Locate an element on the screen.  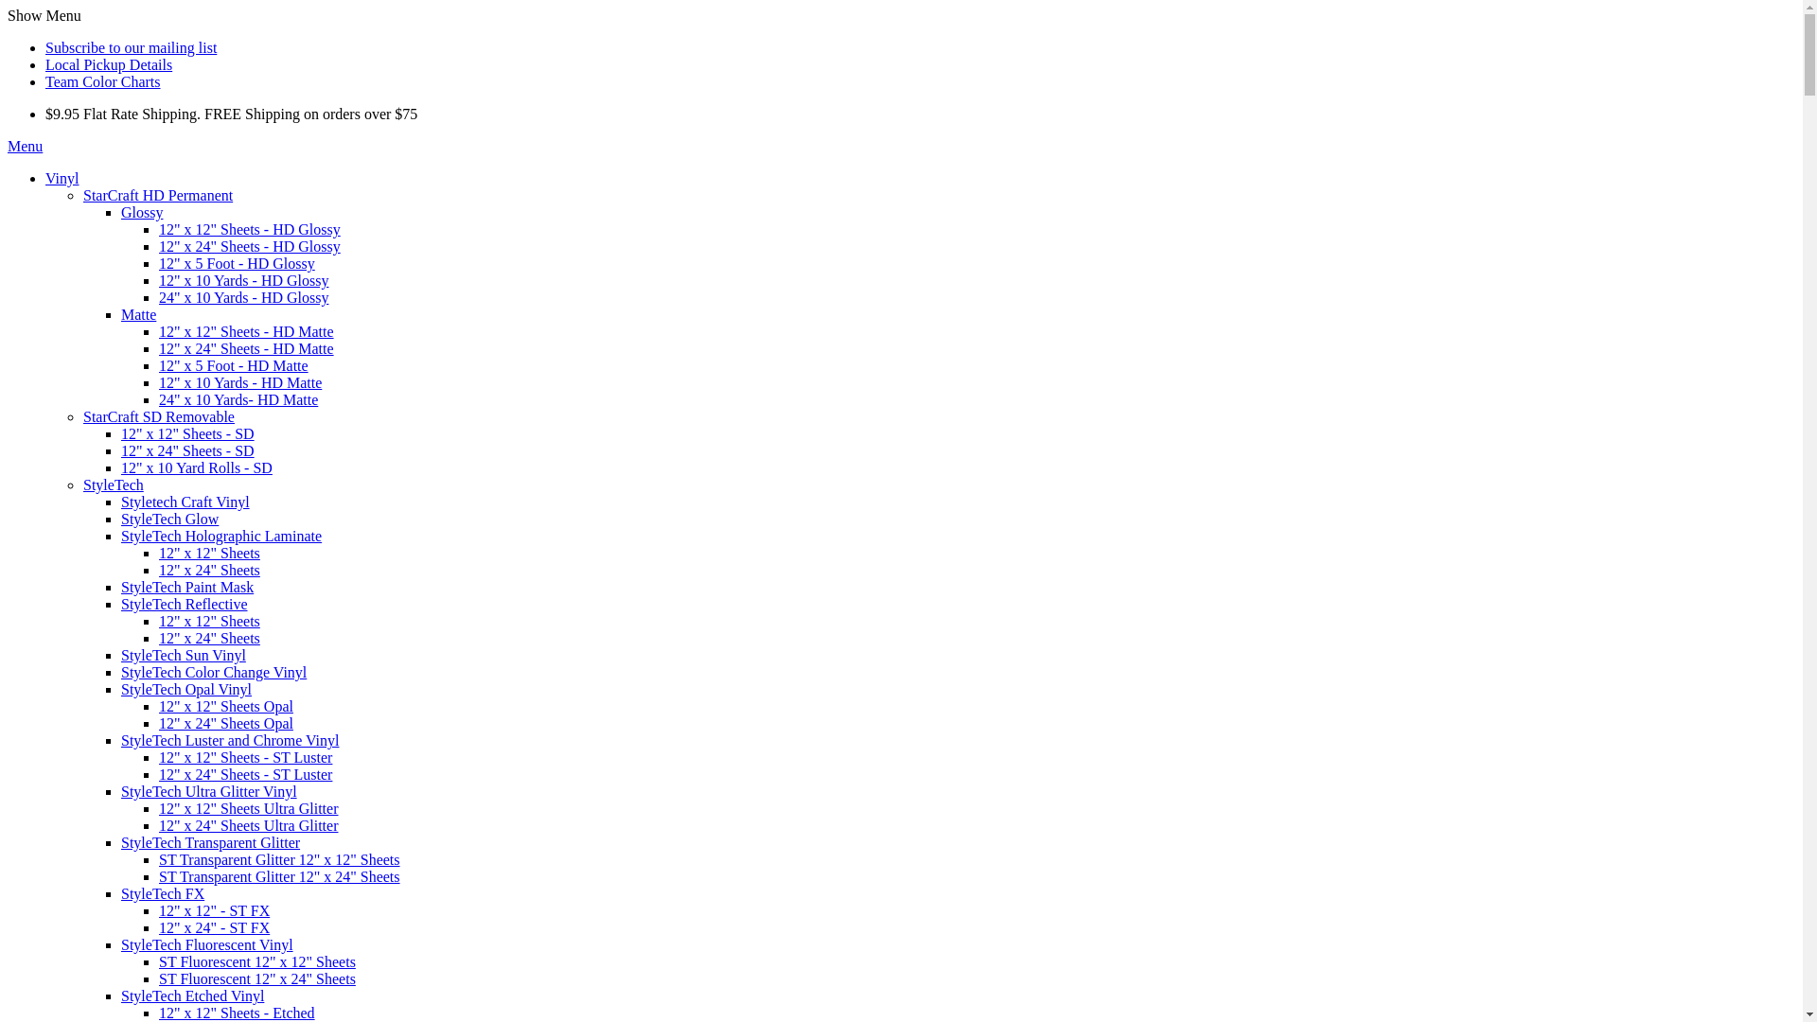
'12" x 5 Foot - HD Glossy' is located at coordinates (236, 263).